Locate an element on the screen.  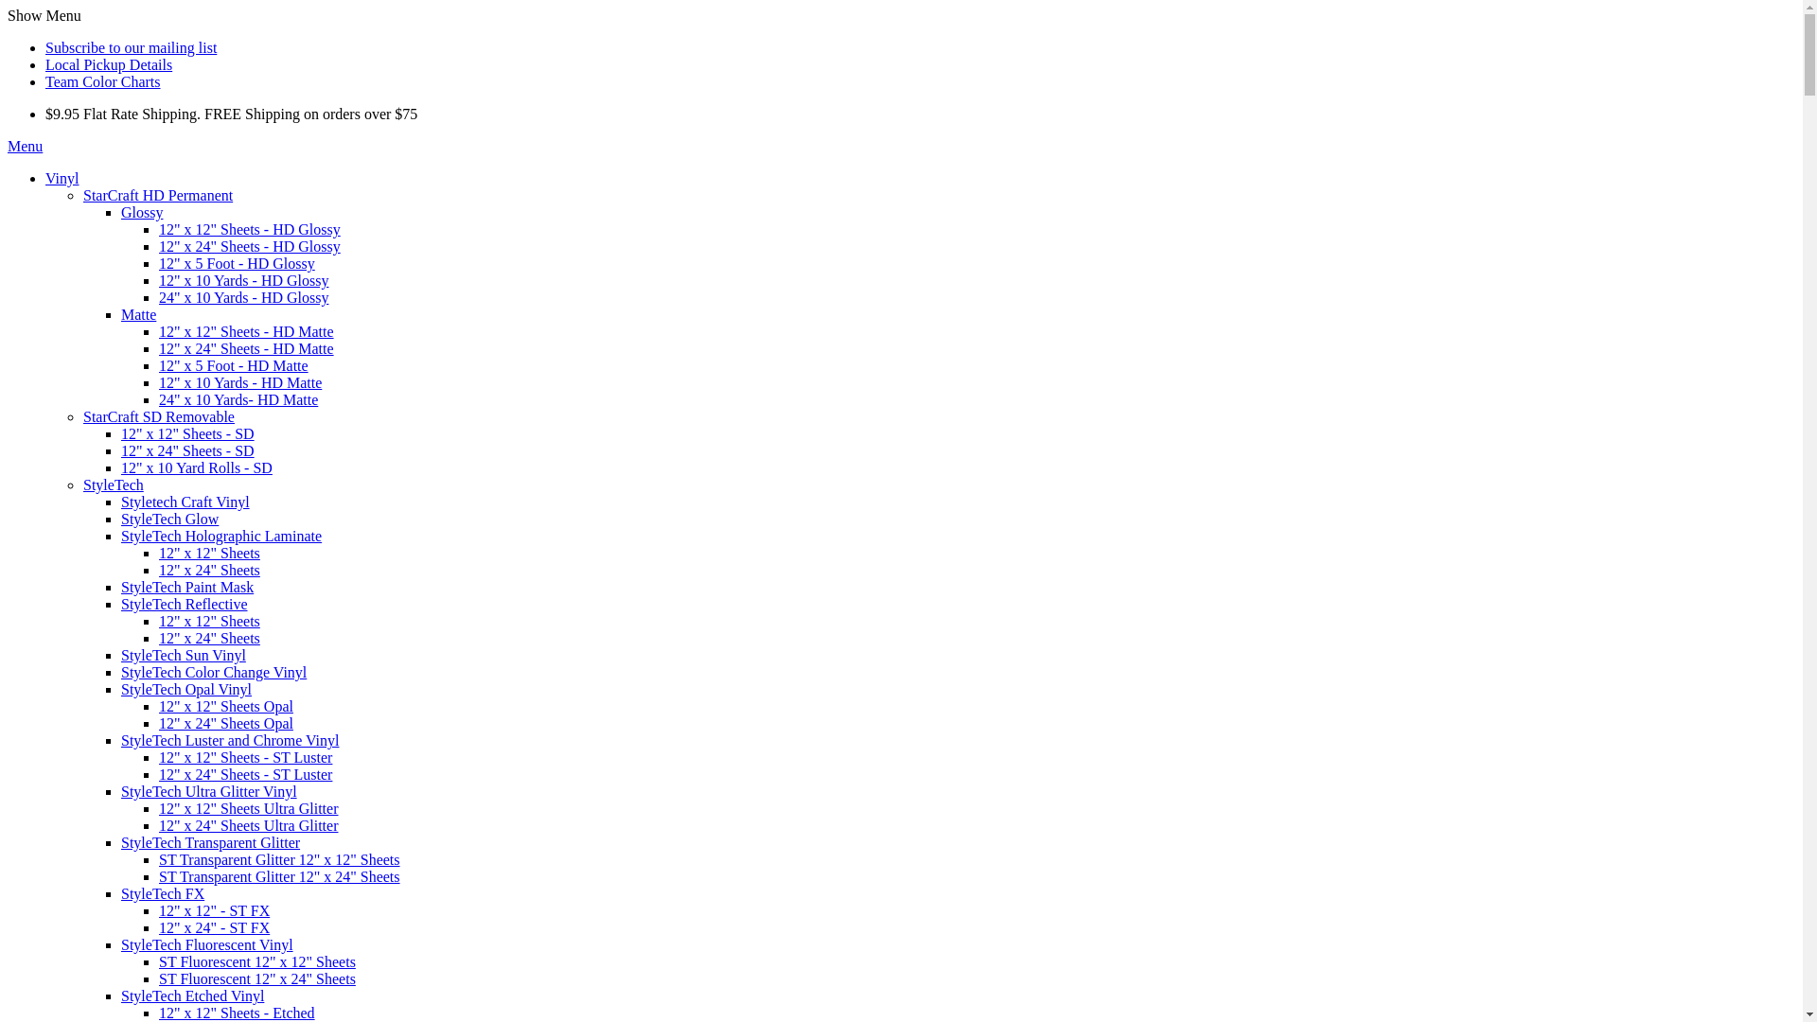
'12" x 5 Foot - HD Glossy' is located at coordinates (236, 263).